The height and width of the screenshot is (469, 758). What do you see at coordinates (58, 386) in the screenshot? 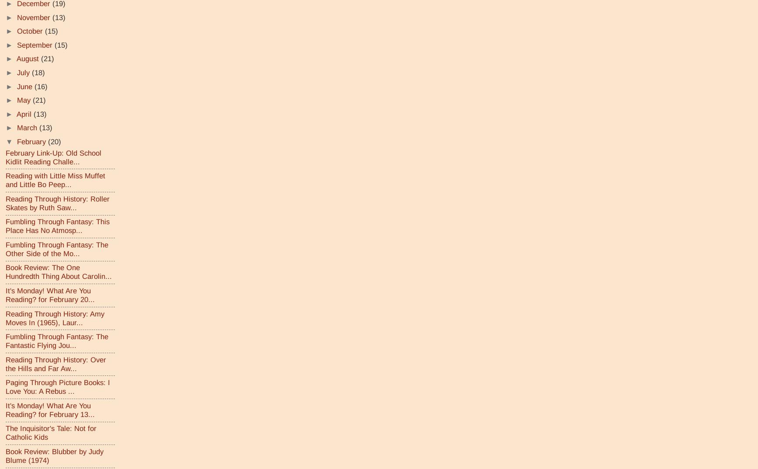
I see `'Paging Through Picture Books: I Love You: A Rebus ...'` at bounding box center [58, 386].